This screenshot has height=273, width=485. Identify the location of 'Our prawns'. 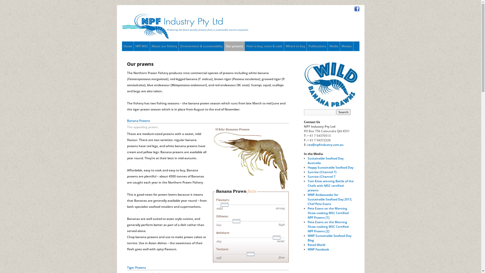
(234, 46).